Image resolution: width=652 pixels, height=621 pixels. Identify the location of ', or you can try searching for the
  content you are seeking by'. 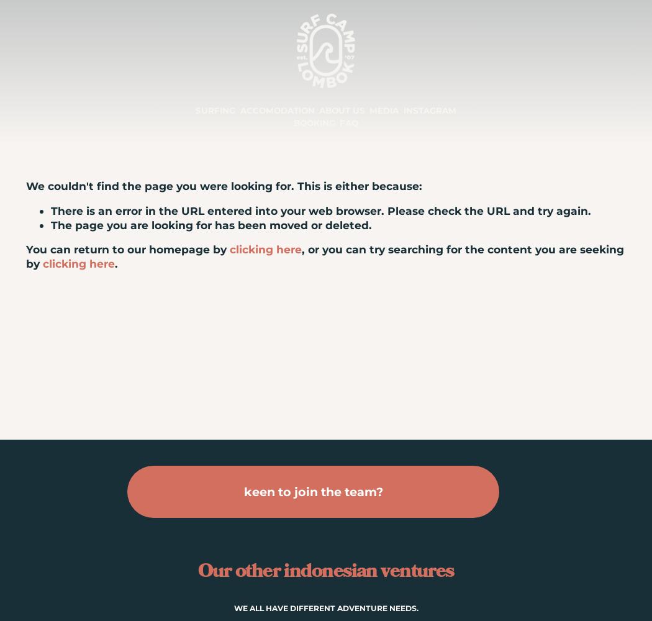
(324, 256).